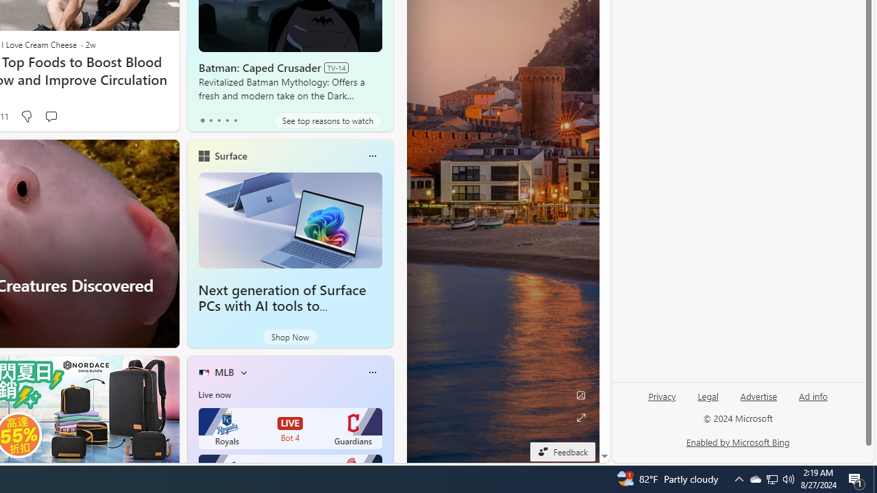 This screenshot has width=877, height=493. What do you see at coordinates (289, 428) in the screenshot?
I see `'Royals LIVE Bot 4 Guardians'` at bounding box center [289, 428].